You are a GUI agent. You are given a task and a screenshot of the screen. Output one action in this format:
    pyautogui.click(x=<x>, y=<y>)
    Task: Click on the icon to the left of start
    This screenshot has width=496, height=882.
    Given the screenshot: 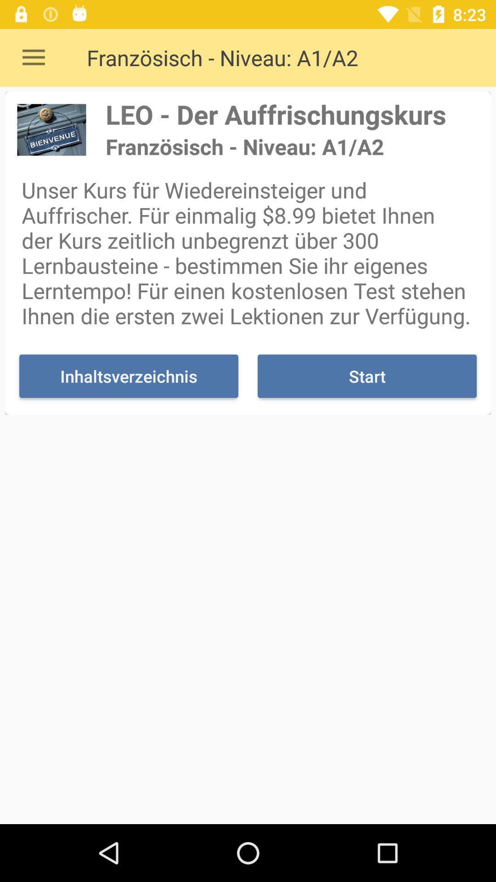 What is the action you would take?
    pyautogui.click(x=129, y=376)
    